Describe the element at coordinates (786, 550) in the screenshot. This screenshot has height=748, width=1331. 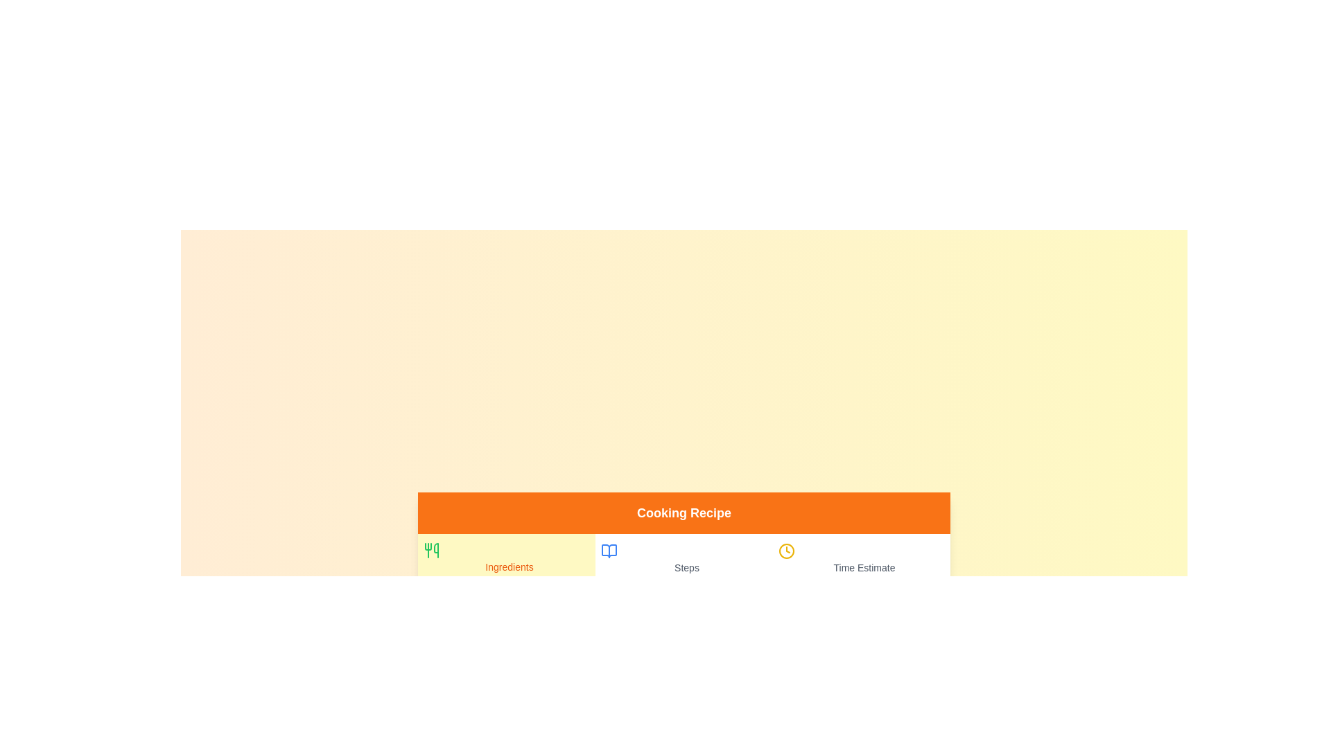
I see `the icon of the Time Estimate tab to activate it` at that location.